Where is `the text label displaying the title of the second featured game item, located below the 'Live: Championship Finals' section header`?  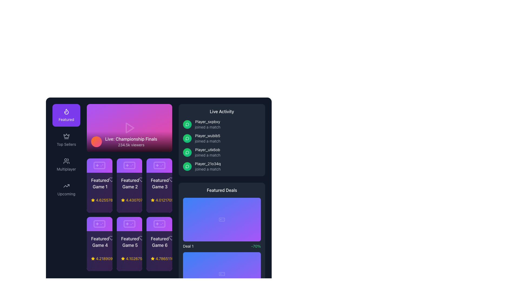
the text label displaying the title of the second featured game item, located below the 'Live: Championship Finals' section header is located at coordinates (129, 183).